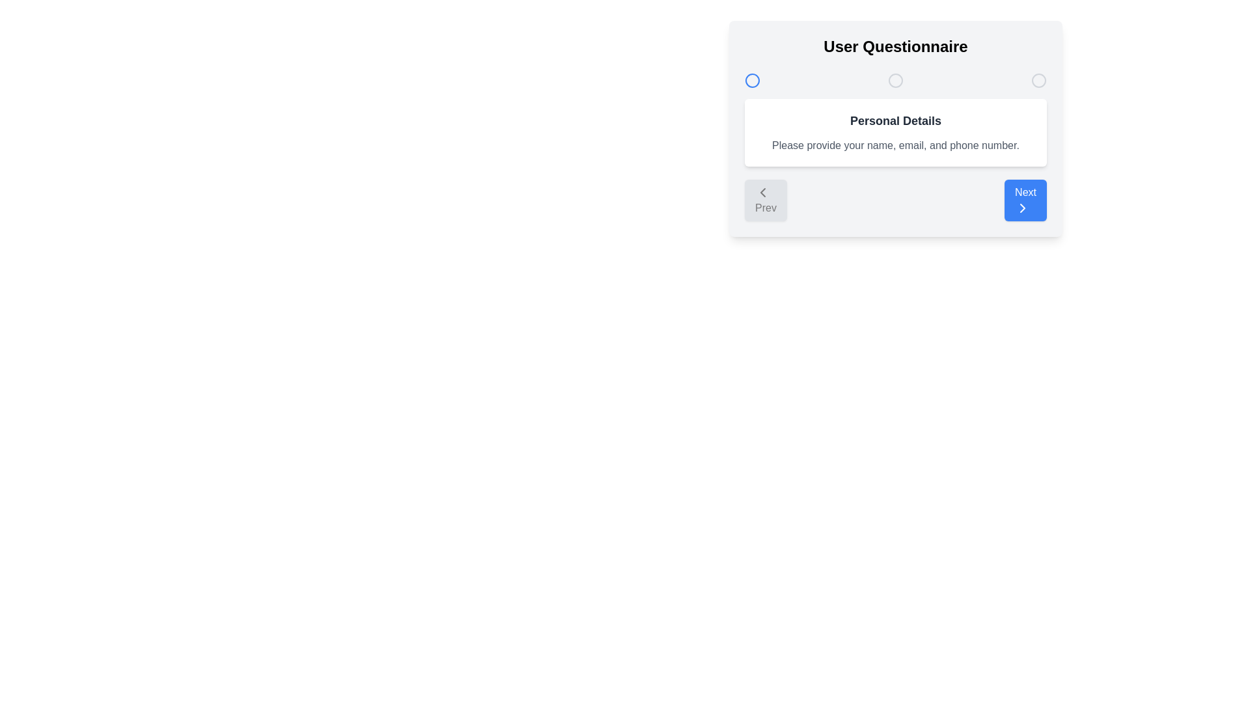 Image resolution: width=1250 pixels, height=703 pixels. What do you see at coordinates (1025, 200) in the screenshot?
I see `the Next button to navigate the questionnaire` at bounding box center [1025, 200].